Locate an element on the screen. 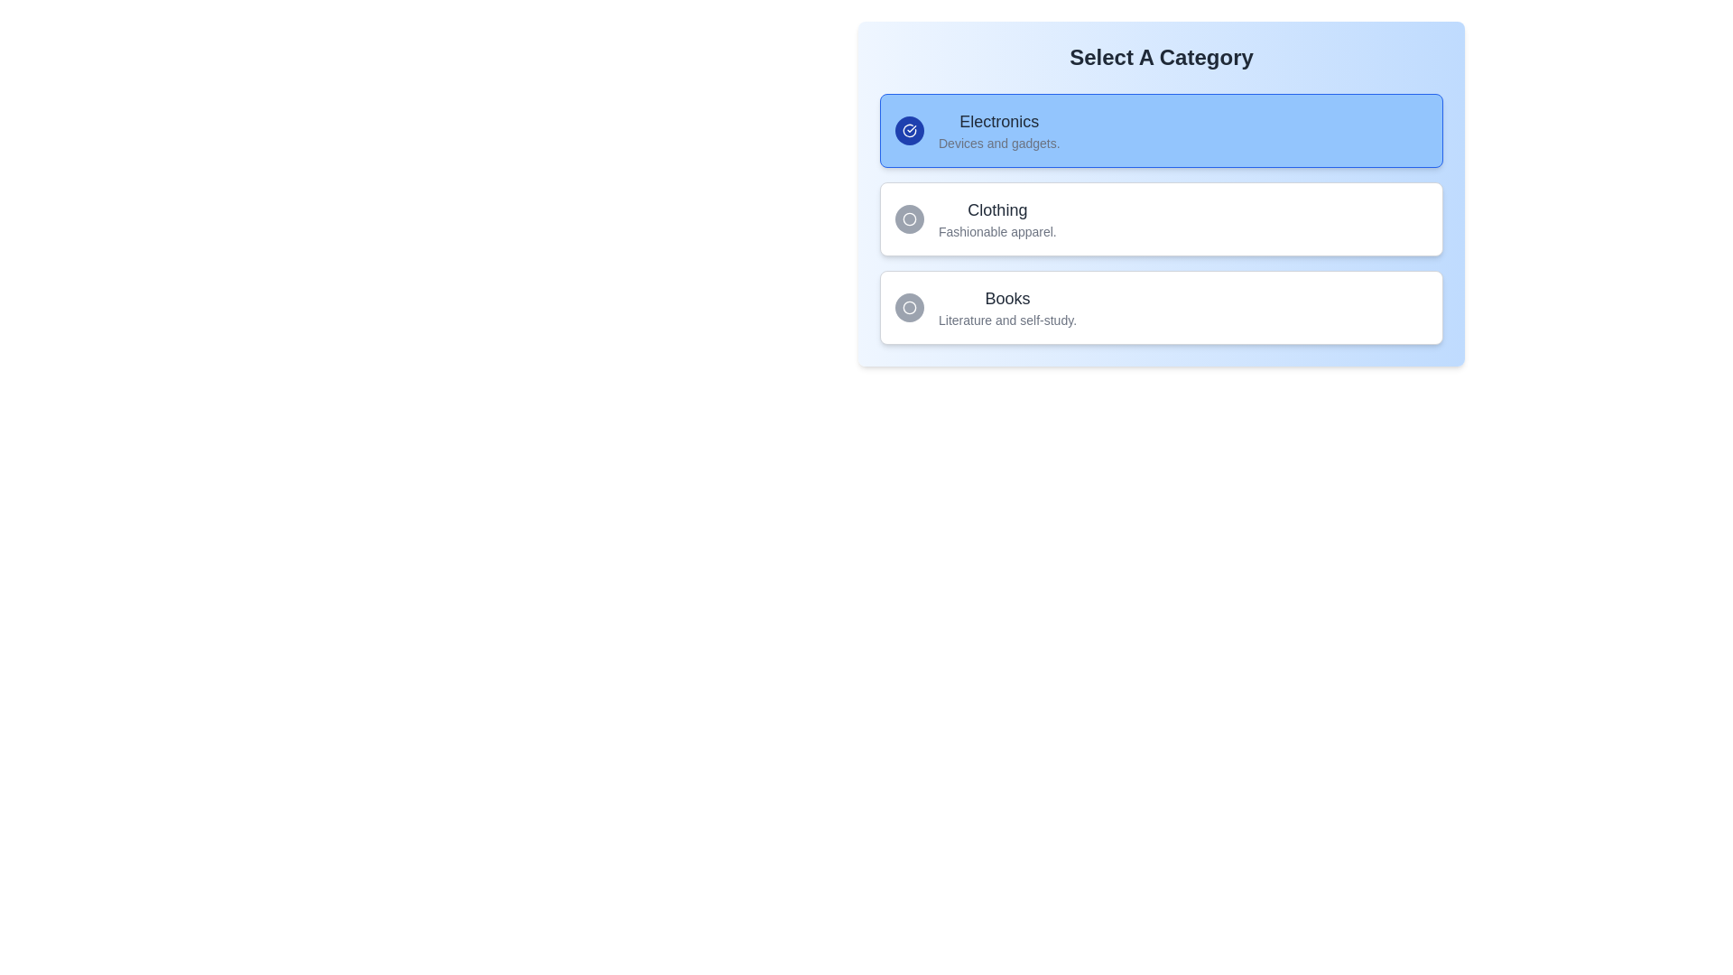 This screenshot has height=975, width=1733. the leftmost circular icon within the highlighted blue section labeled 'Electronics', located at the top of the vertically stacked layout is located at coordinates (910, 128).